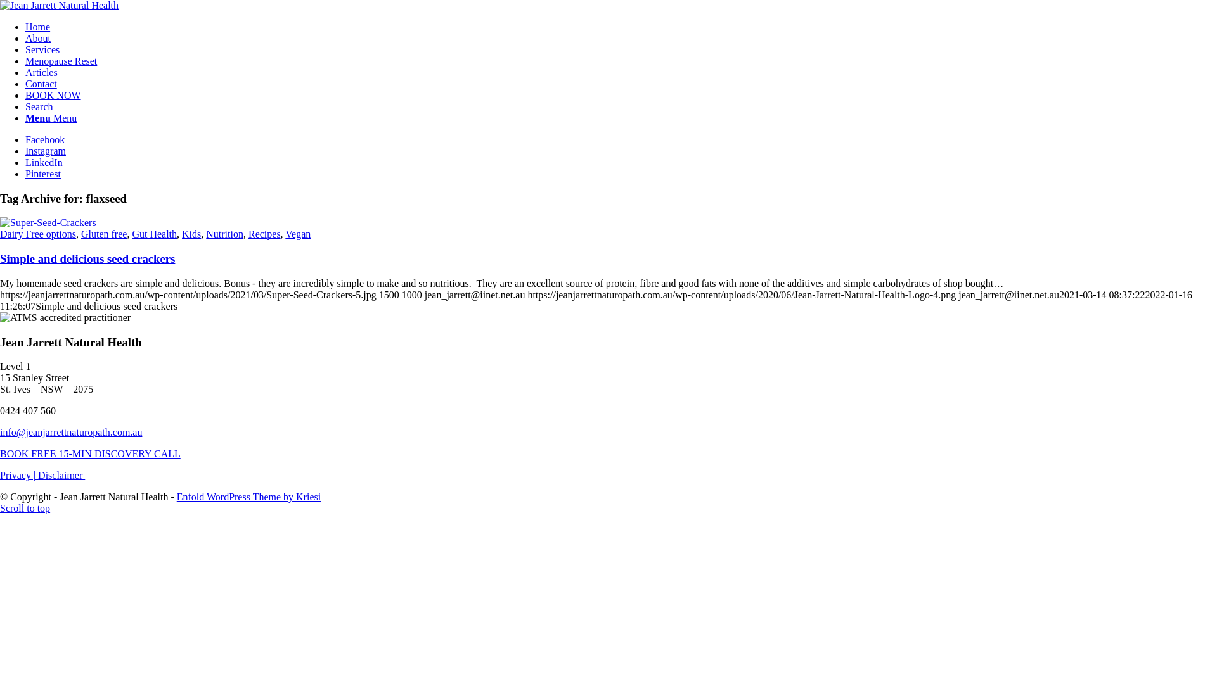  I want to click on 'Menopause Reset', so click(60, 61).